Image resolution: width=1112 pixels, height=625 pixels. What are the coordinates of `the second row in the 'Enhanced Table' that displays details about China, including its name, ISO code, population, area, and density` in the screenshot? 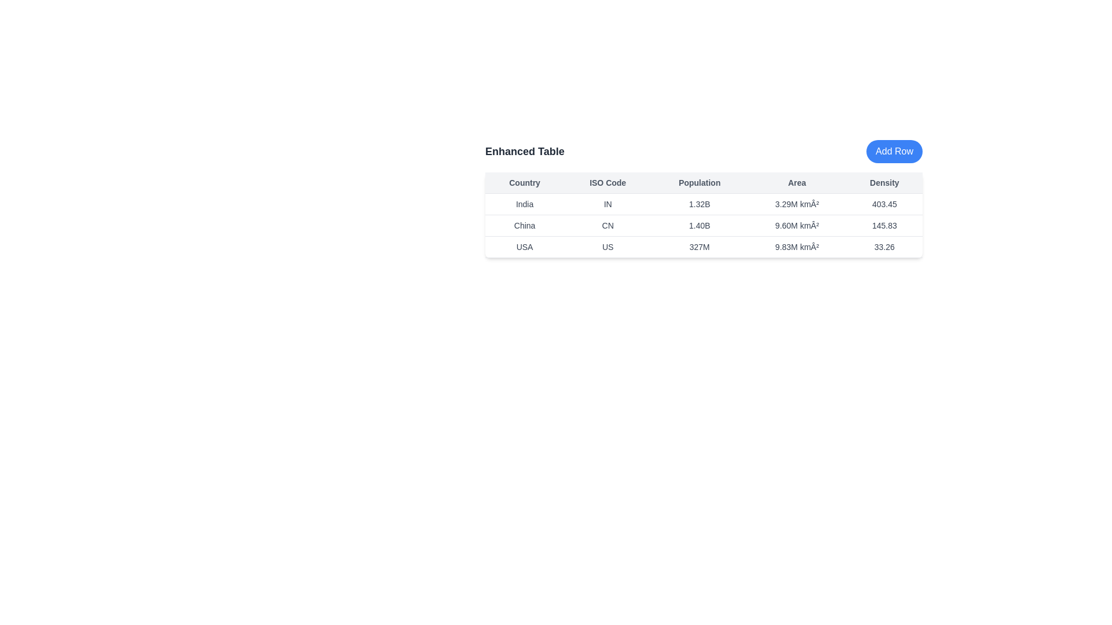 It's located at (703, 225).